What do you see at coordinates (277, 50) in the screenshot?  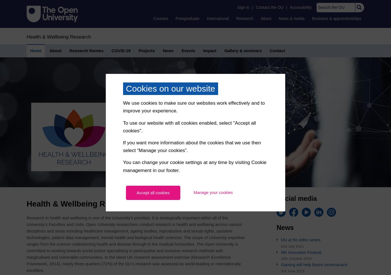 I see `'Contact'` at bounding box center [277, 50].